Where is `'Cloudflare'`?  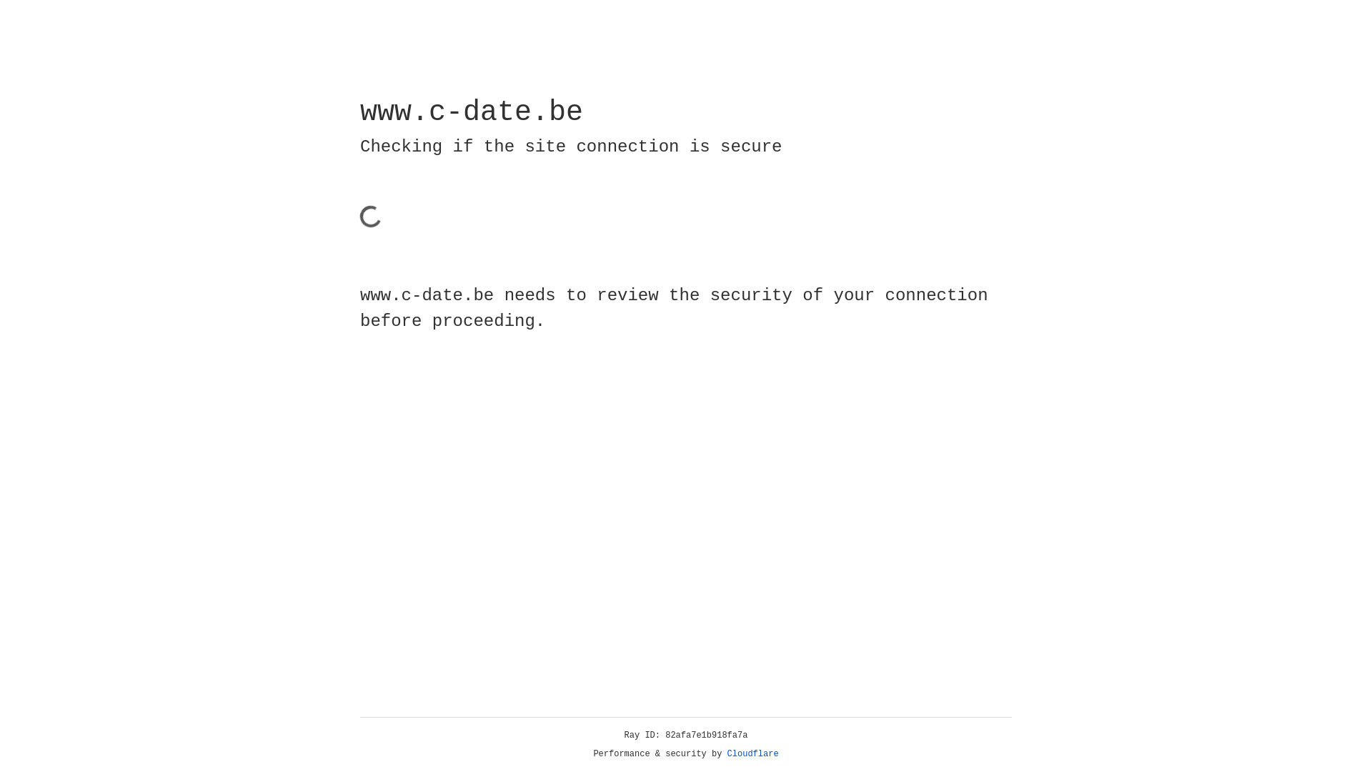 'Cloudflare' is located at coordinates (727, 753).